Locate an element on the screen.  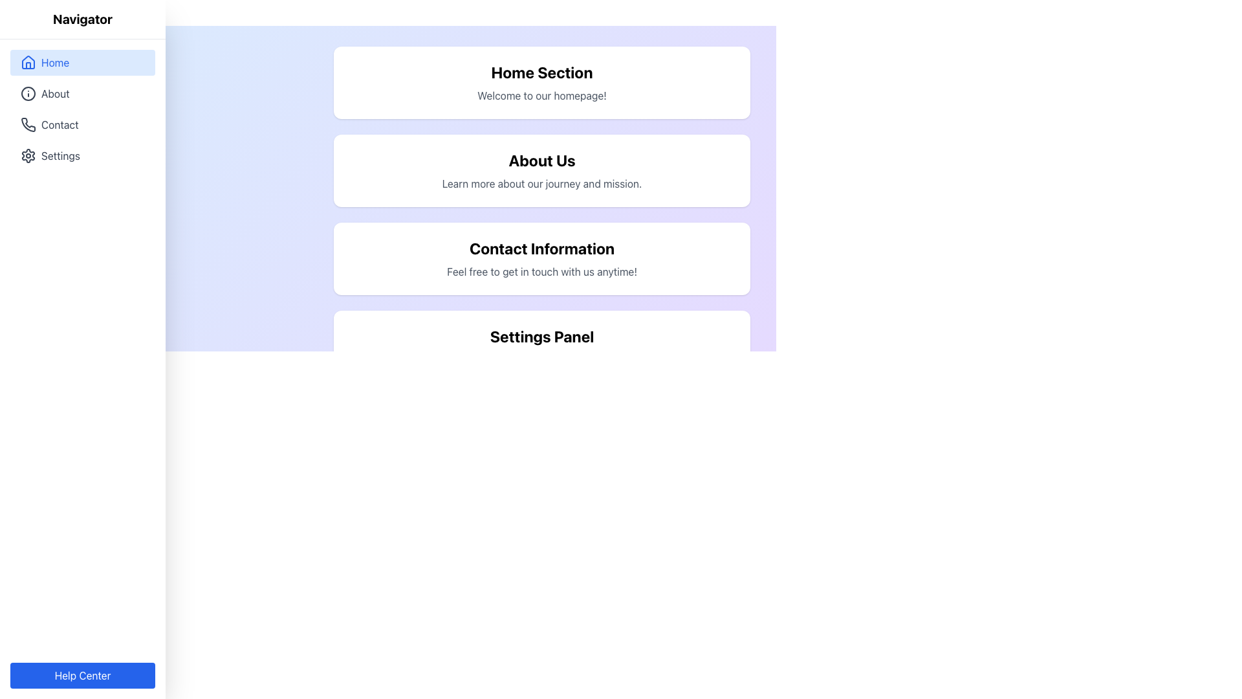
the settings icon located at the top-left corner of the 'Settings' button in the navigation menu is located at coordinates (28, 155).